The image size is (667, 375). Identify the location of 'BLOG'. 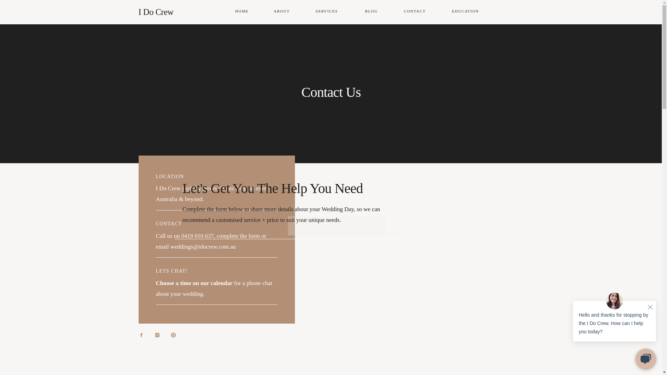
(371, 12).